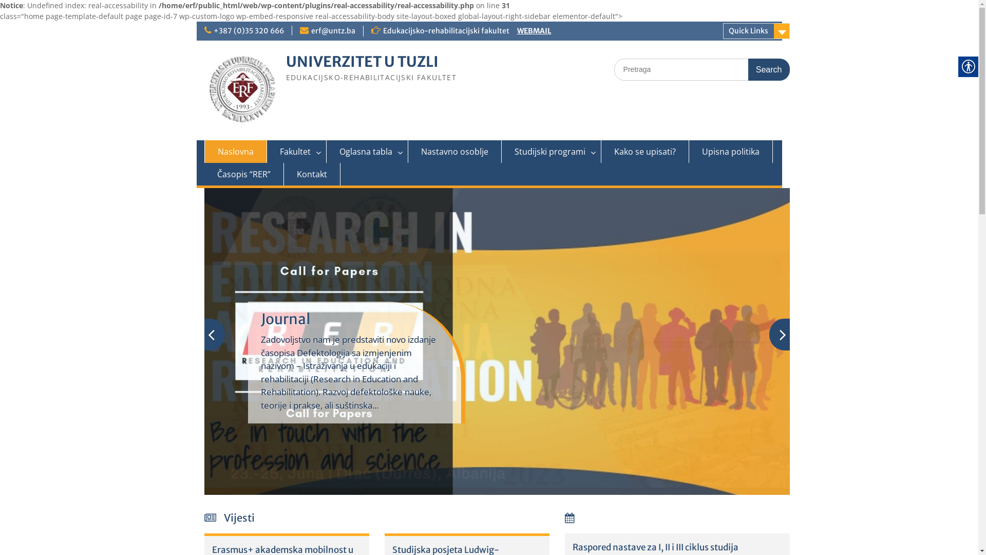  I want to click on 'Oglasna tabla', so click(367, 151).